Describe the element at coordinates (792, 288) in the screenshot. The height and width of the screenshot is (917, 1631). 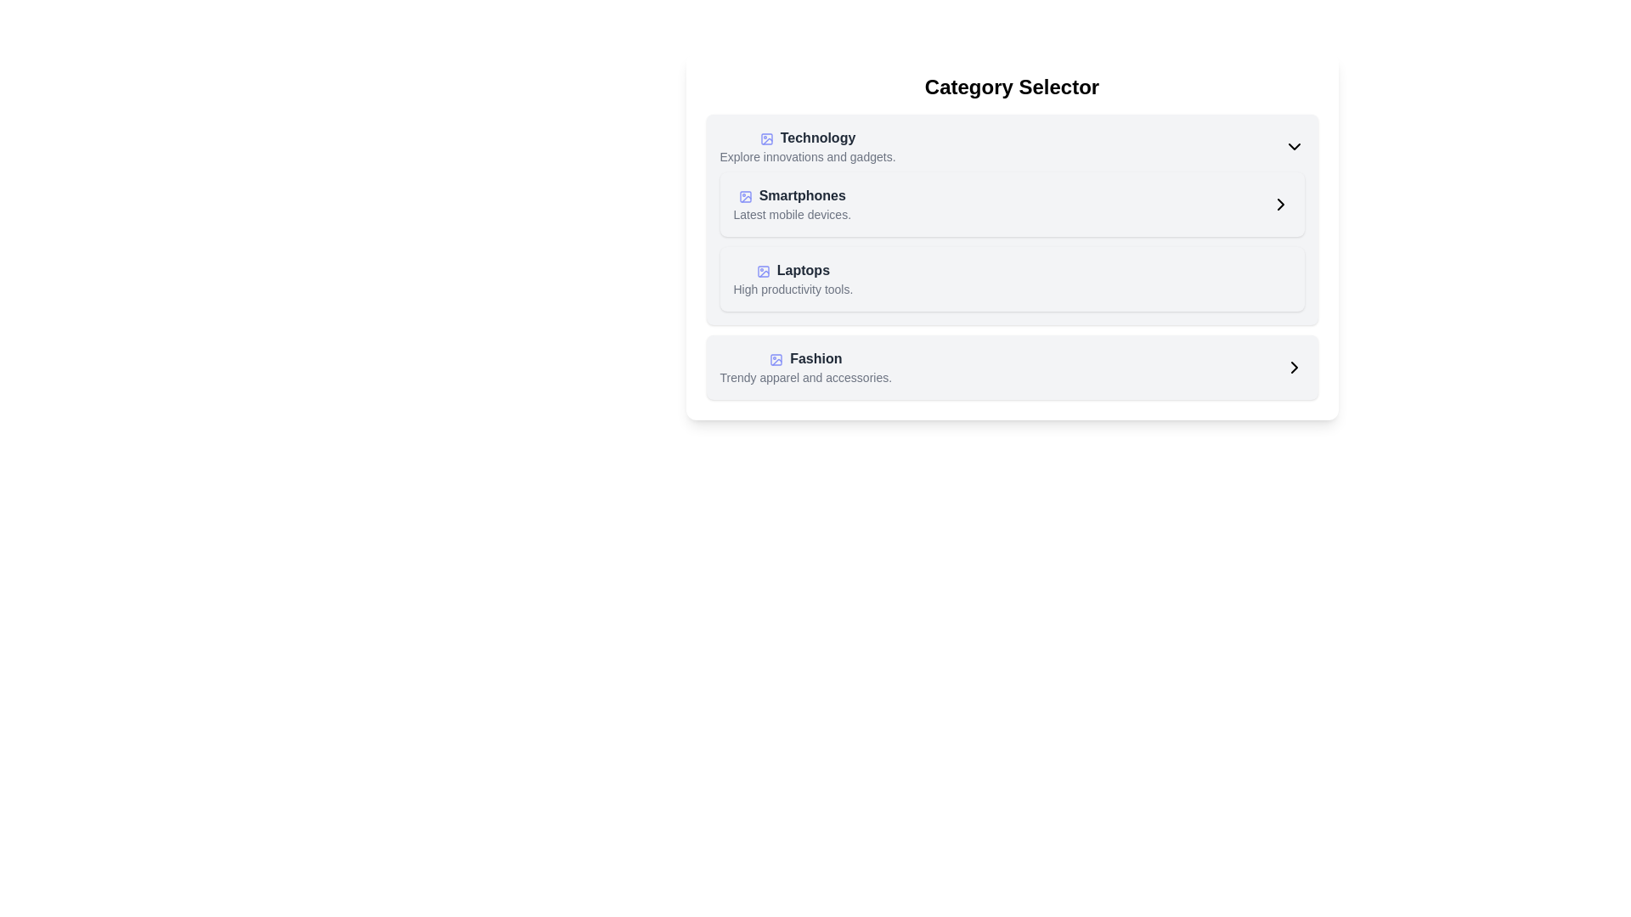
I see `the text label reading 'High productivity tools.' which is styled with a small gray font and positioned below the main text 'Laptops'` at that location.